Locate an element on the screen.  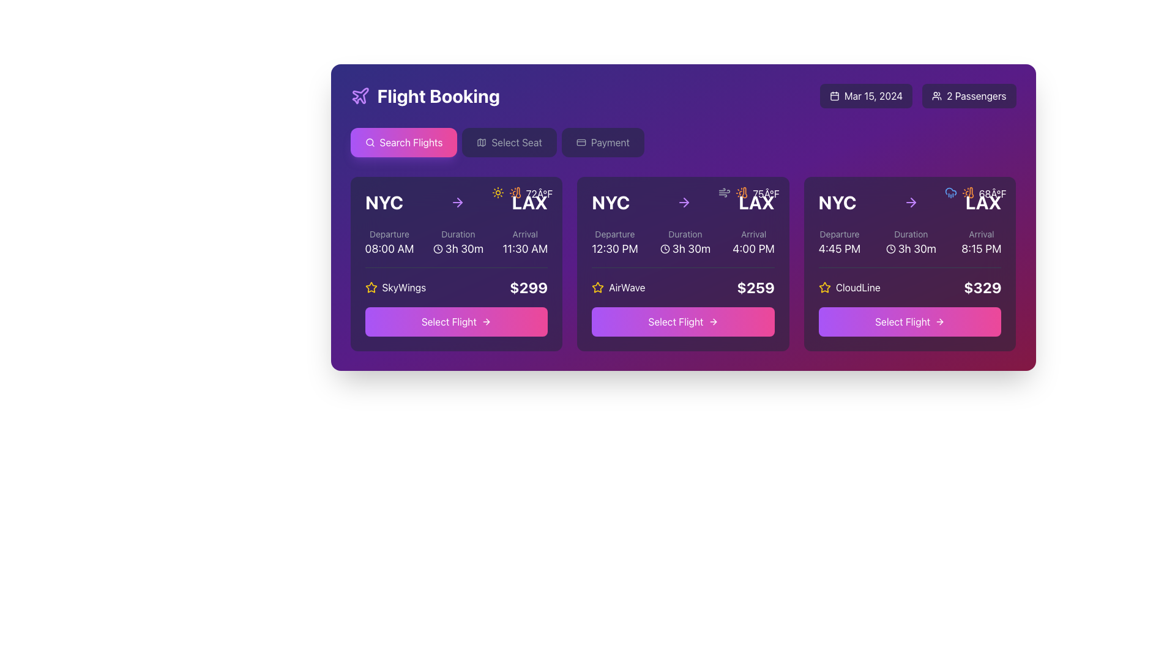
the weather icons (a rain cloud and a sun with a thermometer) displayed next to the temperature indicator '68°F' in the top right corner of the flight card for the NYC to LAX flight is located at coordinates (974, 193).